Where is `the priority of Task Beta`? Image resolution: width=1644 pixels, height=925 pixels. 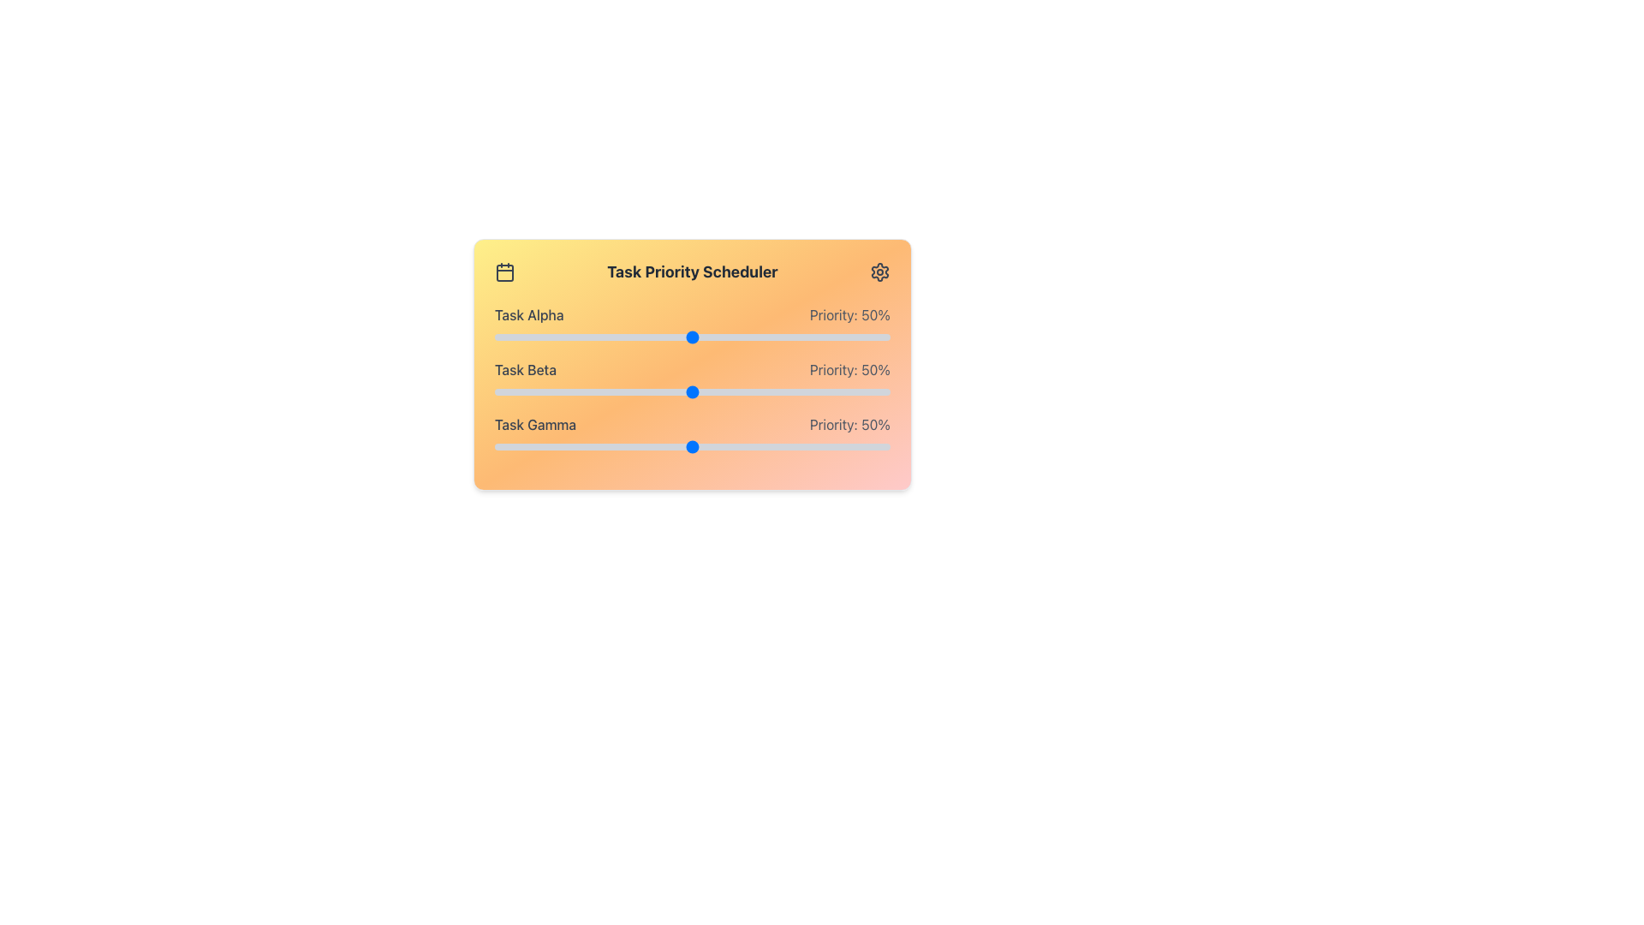
the priority of Task Beta is located at coordinates (493, 392).